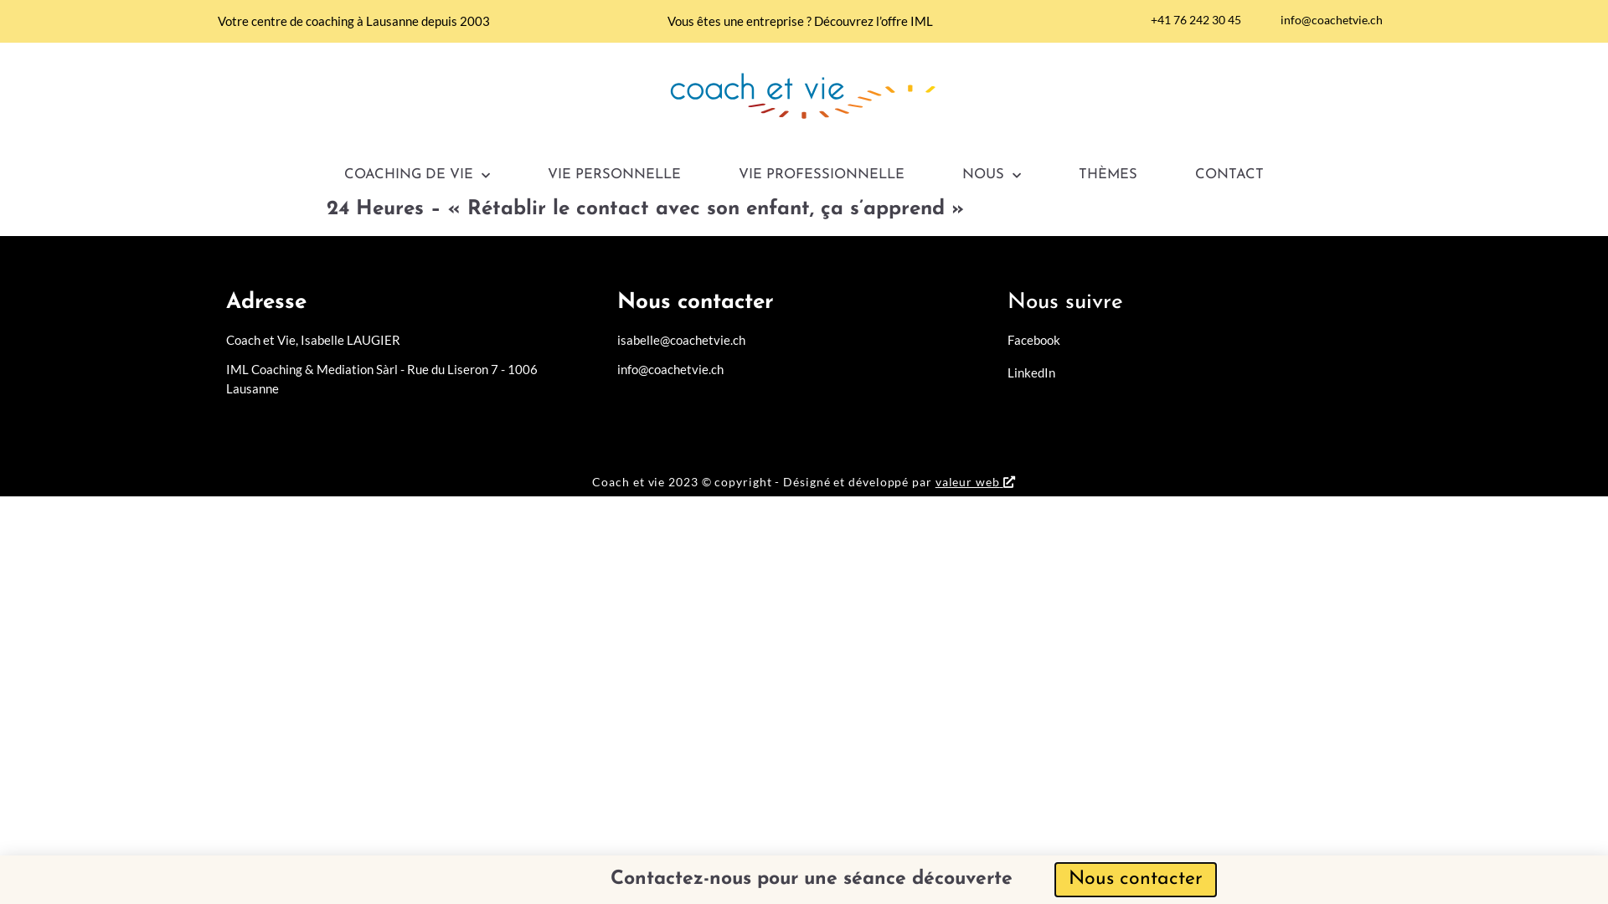 Image resolution: width=1608 pixels, height=904 pixels. Describe the element at coordinates (1229, 175) in the screenshot. I see `'CONTACT'` at that location.